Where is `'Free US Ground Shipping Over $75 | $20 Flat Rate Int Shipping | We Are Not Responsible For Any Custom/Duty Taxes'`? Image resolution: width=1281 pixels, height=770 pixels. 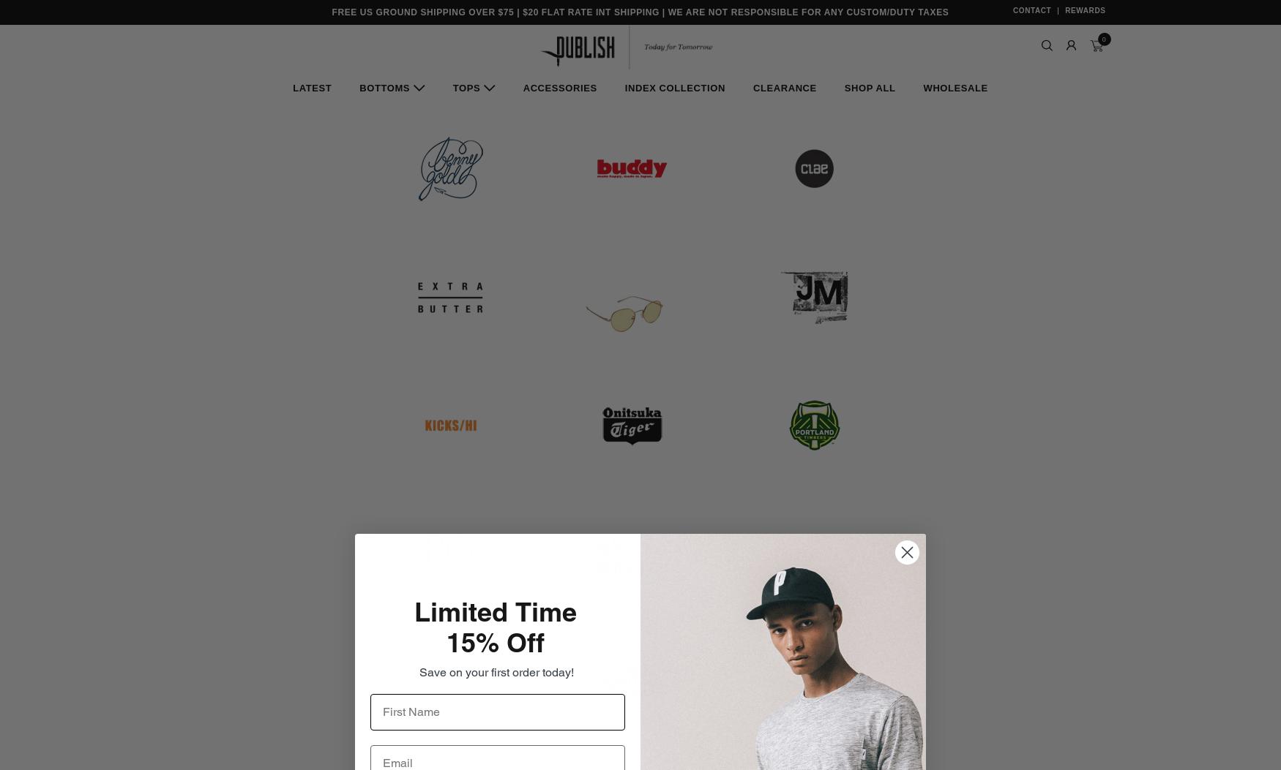
'Free US Ground Shipping Over $75 | $20 Flat Rate Int Shipping | We Are Not Responsible For Any Custom/Duty Taxes' is located at coordinates (640, 12).